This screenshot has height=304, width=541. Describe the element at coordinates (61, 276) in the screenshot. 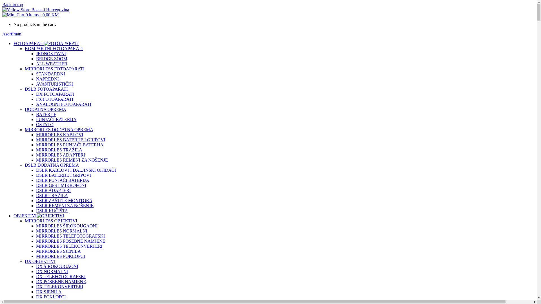

I see `'DX TELEFOTOGRAFSKI'` at that location.